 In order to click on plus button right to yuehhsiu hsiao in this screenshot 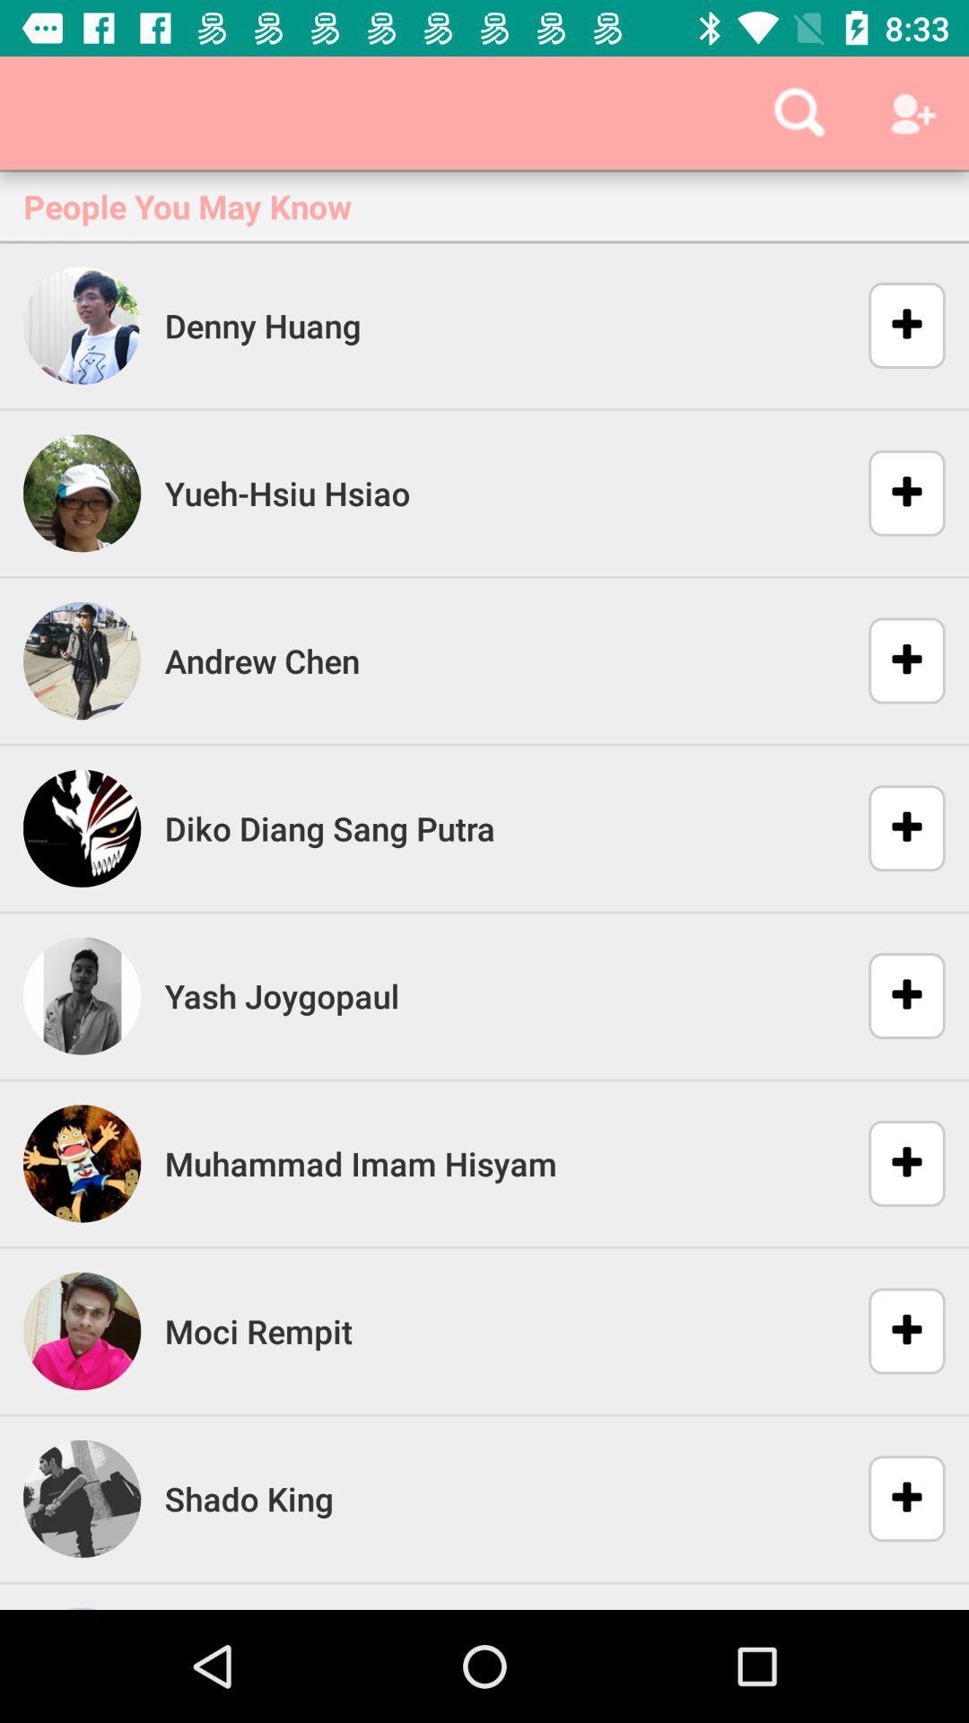, I will do `click(895, 494)`.